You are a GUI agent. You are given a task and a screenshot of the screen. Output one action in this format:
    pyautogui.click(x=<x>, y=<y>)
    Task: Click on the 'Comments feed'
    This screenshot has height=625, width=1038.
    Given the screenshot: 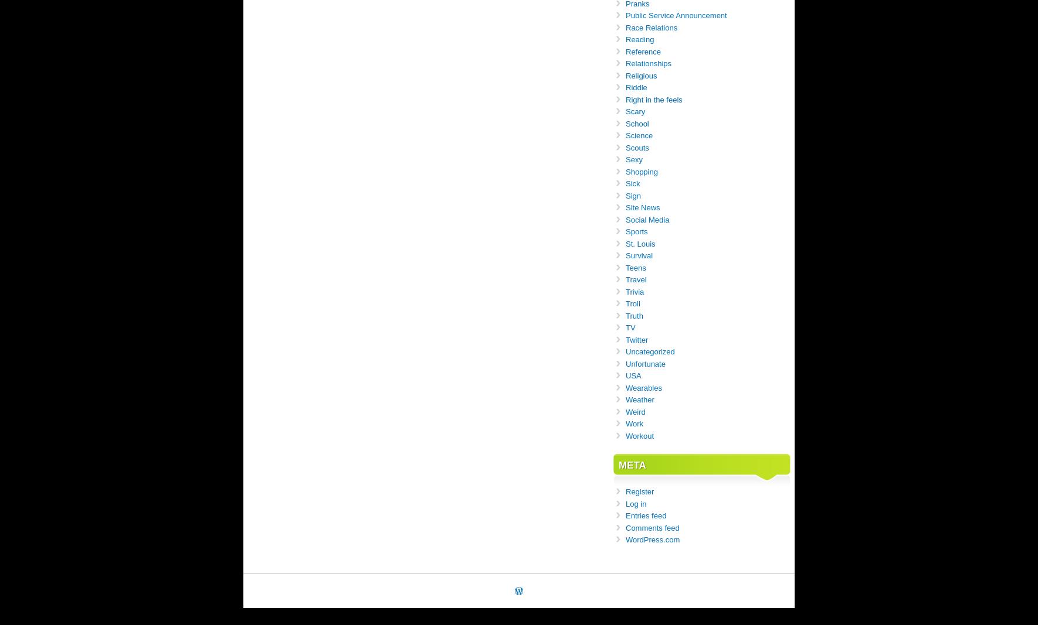 What is the action you would take?
    pyautogui.click(x=652, y=527)
    